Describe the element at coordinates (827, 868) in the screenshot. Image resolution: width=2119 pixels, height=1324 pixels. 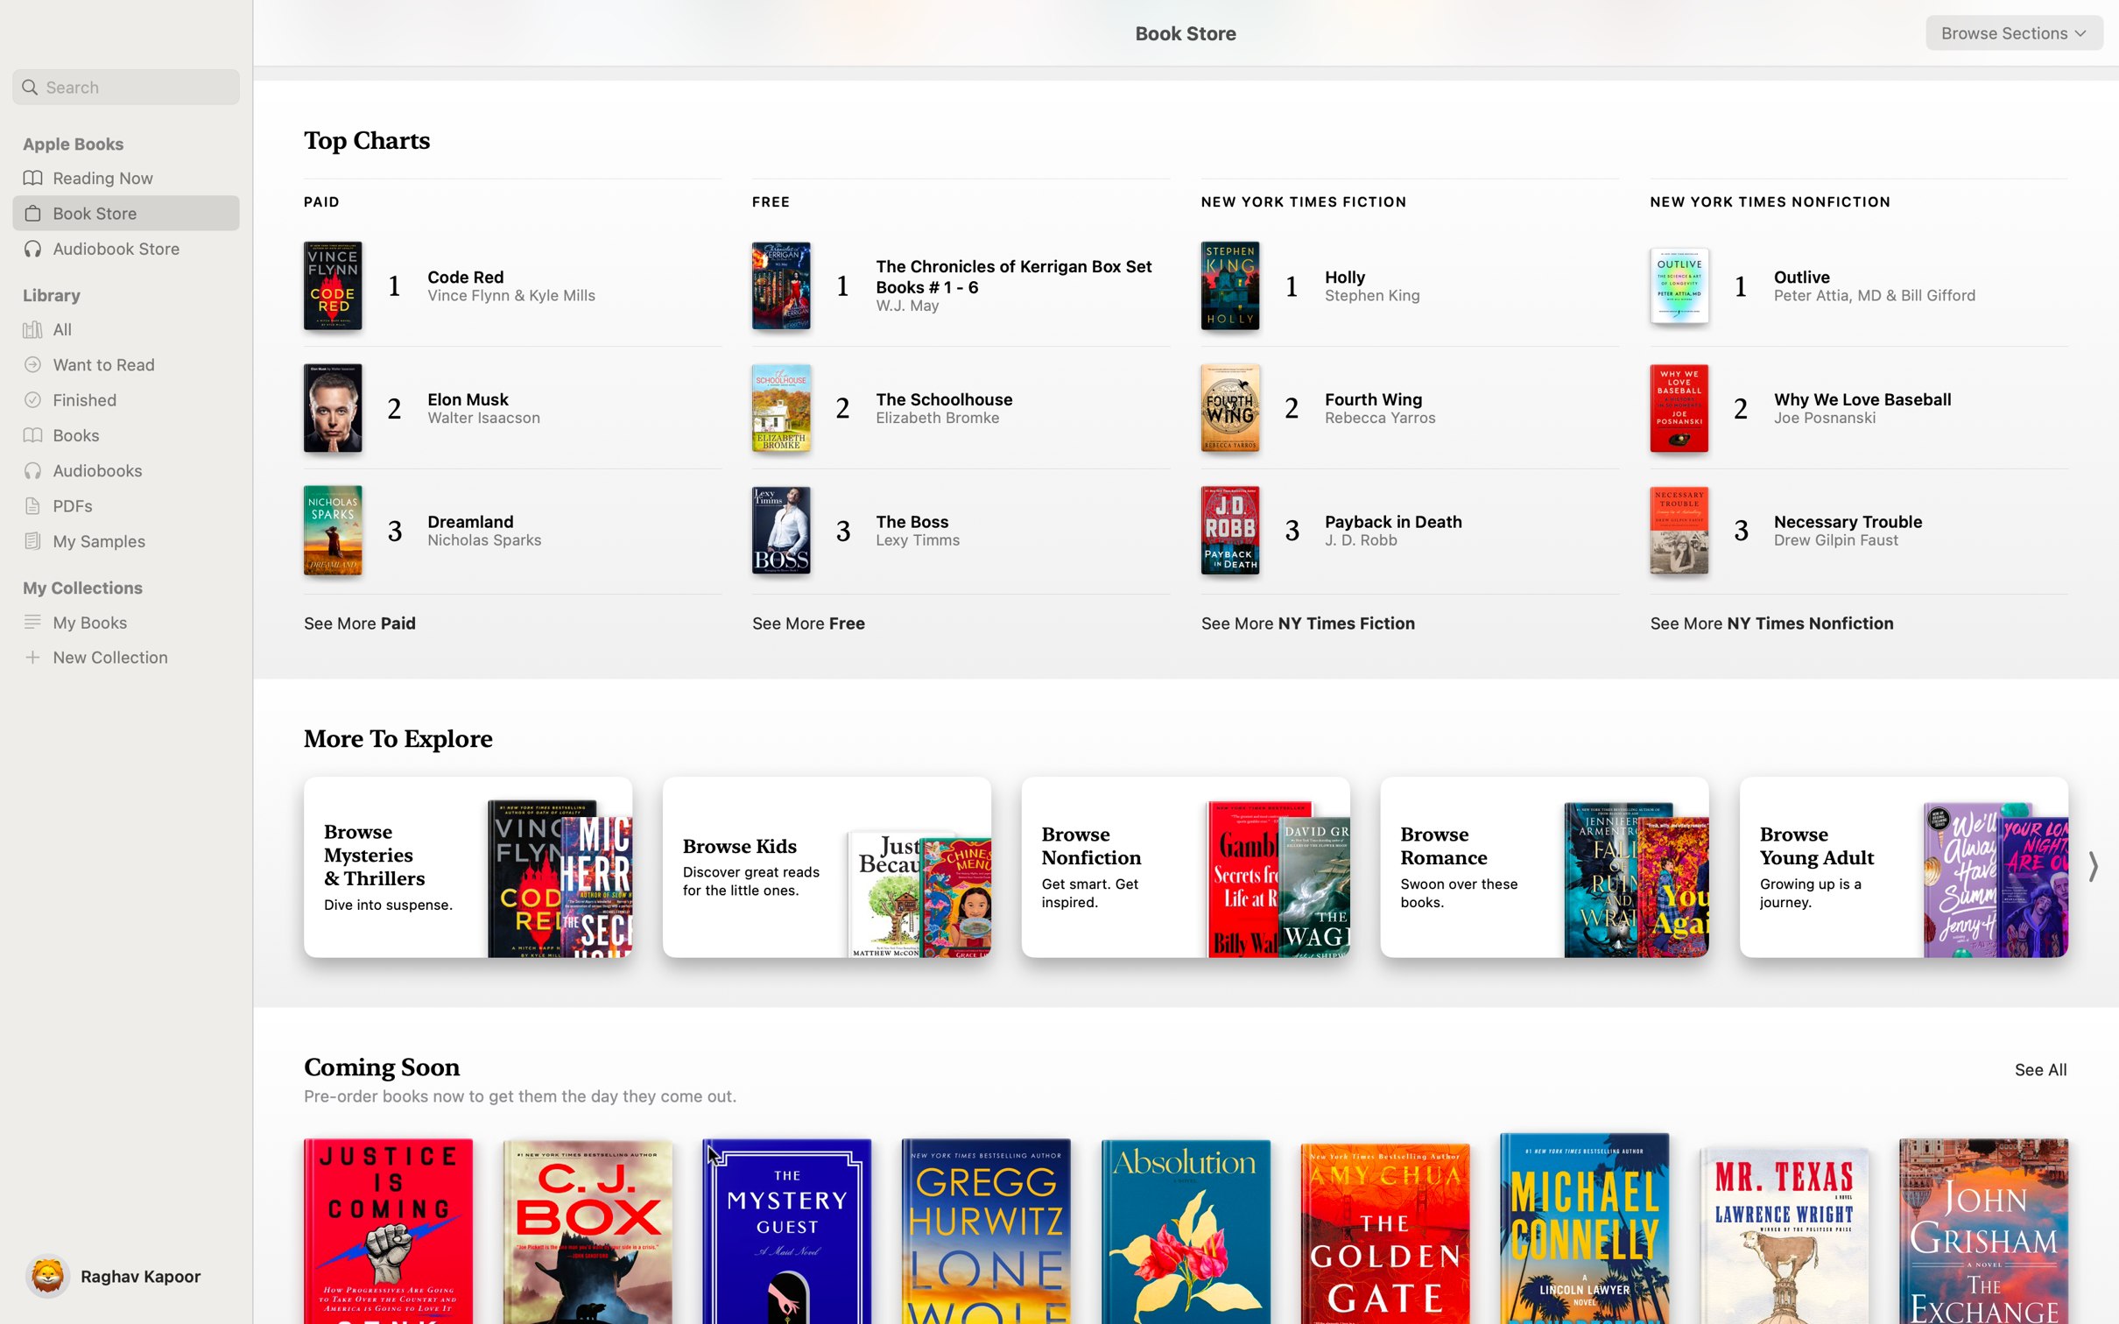
I see `Browse Kids books from "More to Explore" section` at that location.